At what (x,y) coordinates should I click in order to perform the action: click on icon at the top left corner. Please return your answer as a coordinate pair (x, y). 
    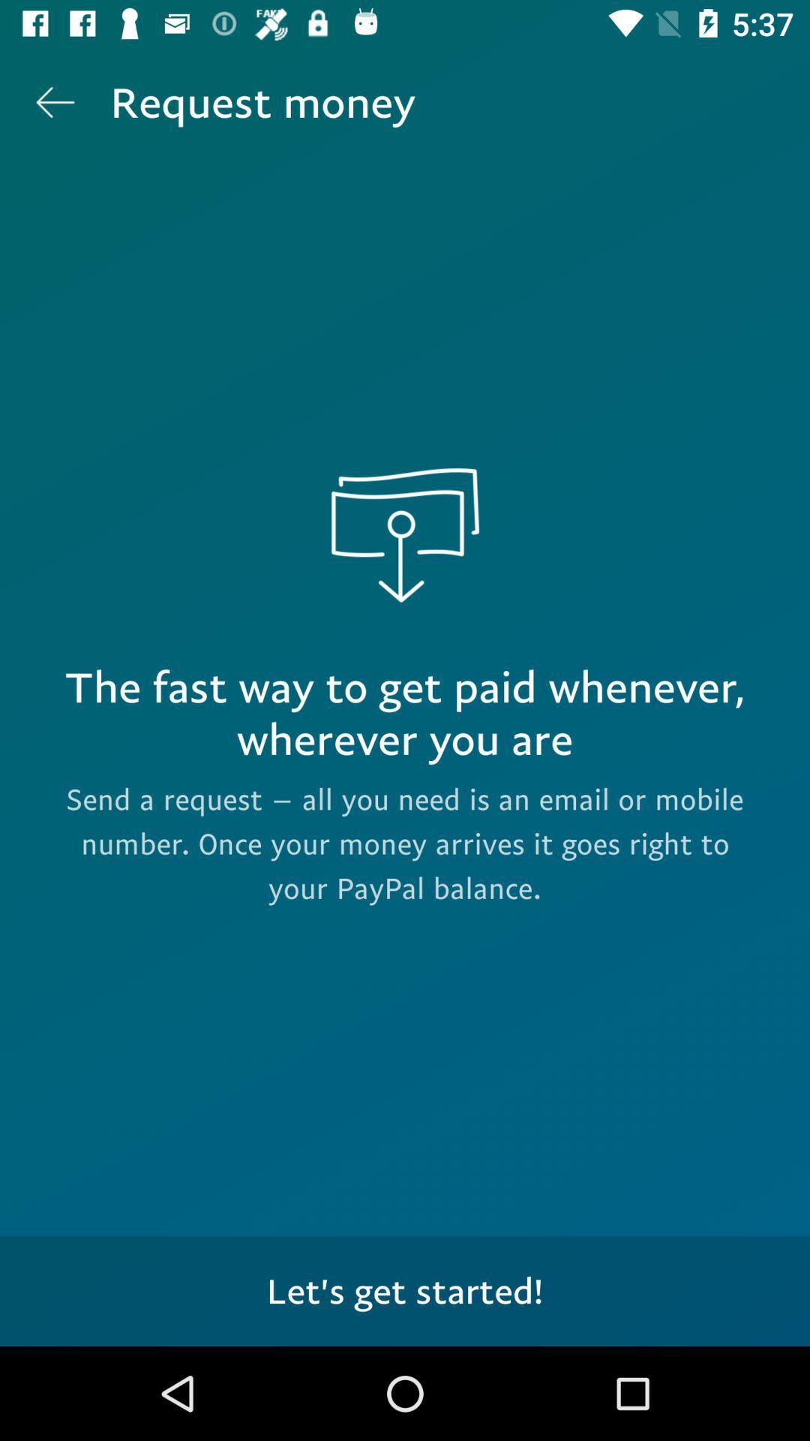
    Looking at the image, I should click on (54, 101).